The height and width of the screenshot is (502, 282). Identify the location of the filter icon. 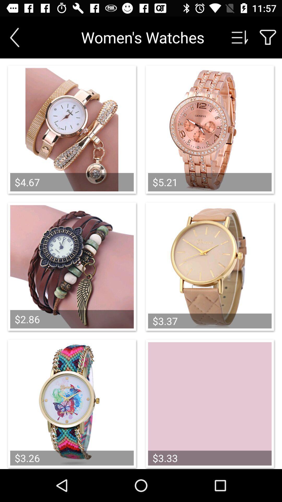
(268, 37).